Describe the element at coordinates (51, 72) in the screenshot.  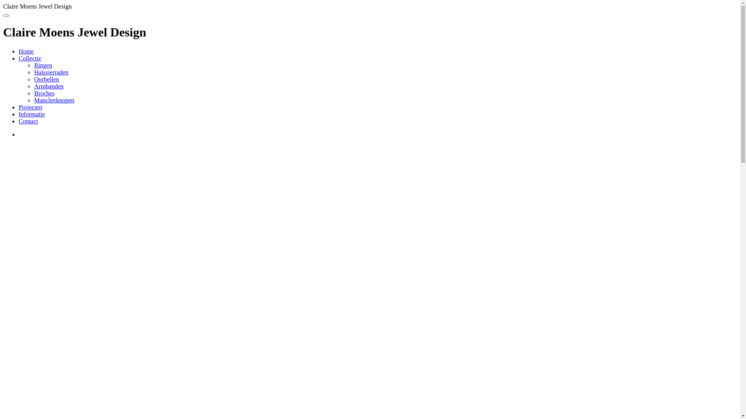
I see `'Halssierraden'` at that location.